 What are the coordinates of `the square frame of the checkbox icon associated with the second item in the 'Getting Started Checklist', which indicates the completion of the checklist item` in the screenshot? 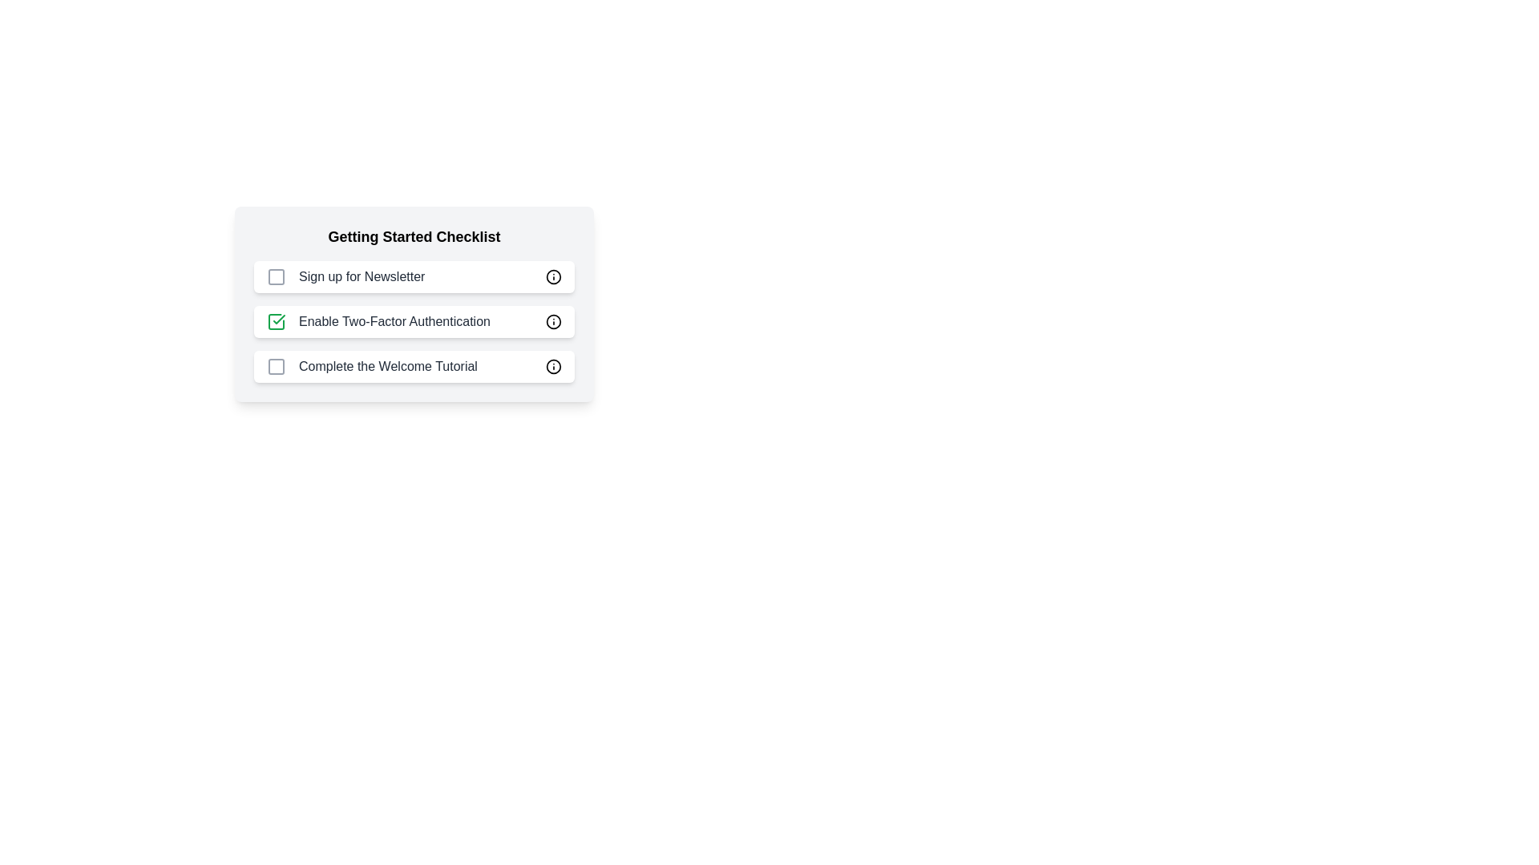 It's located at (277, 321).